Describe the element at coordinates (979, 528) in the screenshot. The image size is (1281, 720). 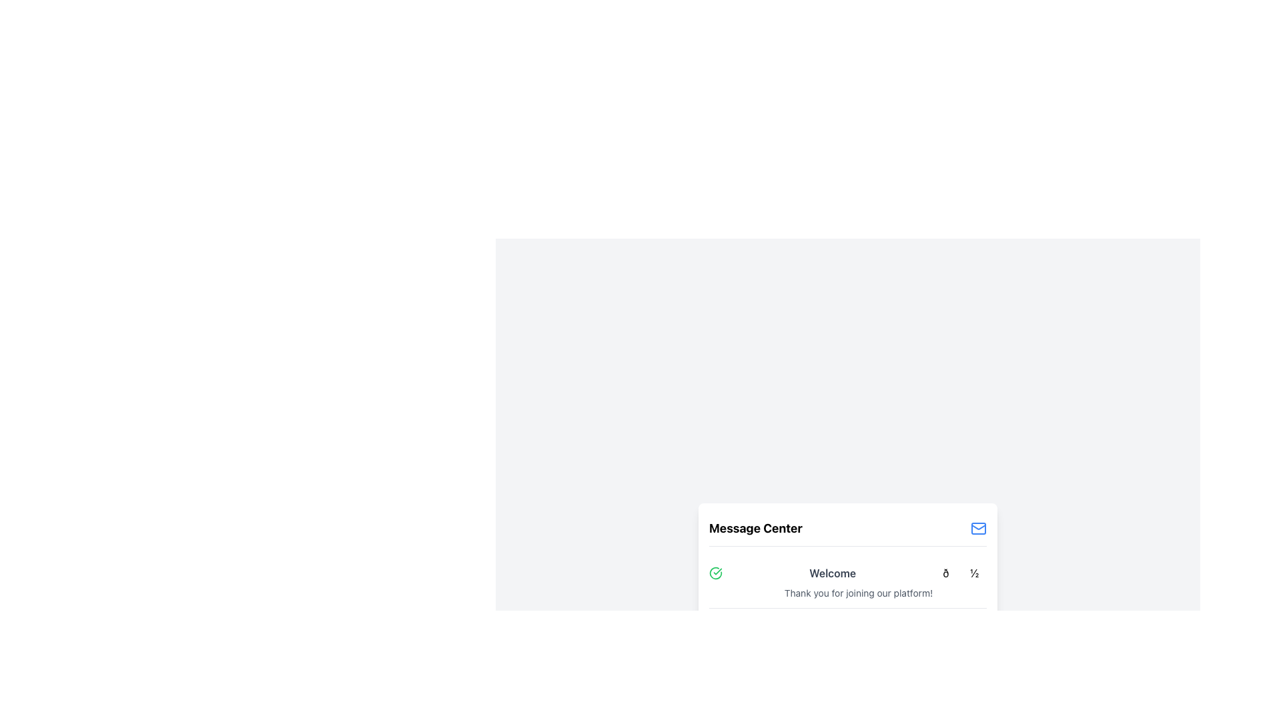
I see `the envelope icon in the top-right corner of the 'Message Center' section` at that location.